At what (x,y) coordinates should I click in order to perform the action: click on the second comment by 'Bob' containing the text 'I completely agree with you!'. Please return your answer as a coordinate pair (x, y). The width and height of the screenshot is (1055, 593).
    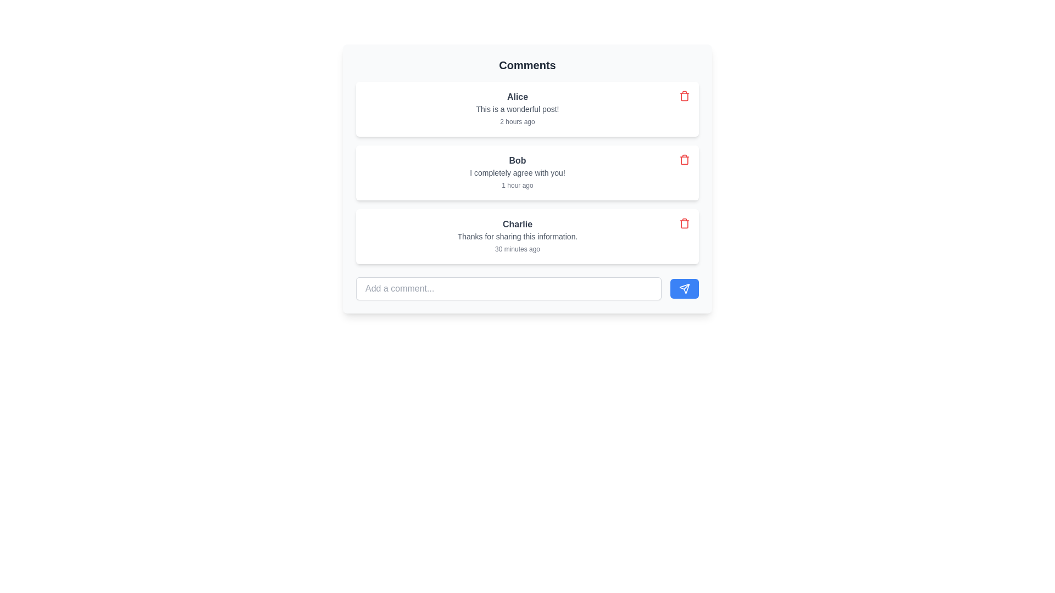
    Looking at the image, I should click on (527, 178).